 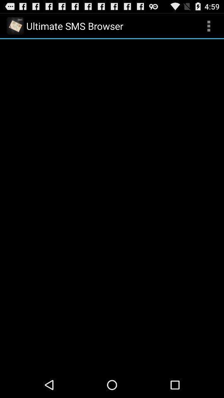 I want to click on icon at the top right corner, so click(x=208, y=26).